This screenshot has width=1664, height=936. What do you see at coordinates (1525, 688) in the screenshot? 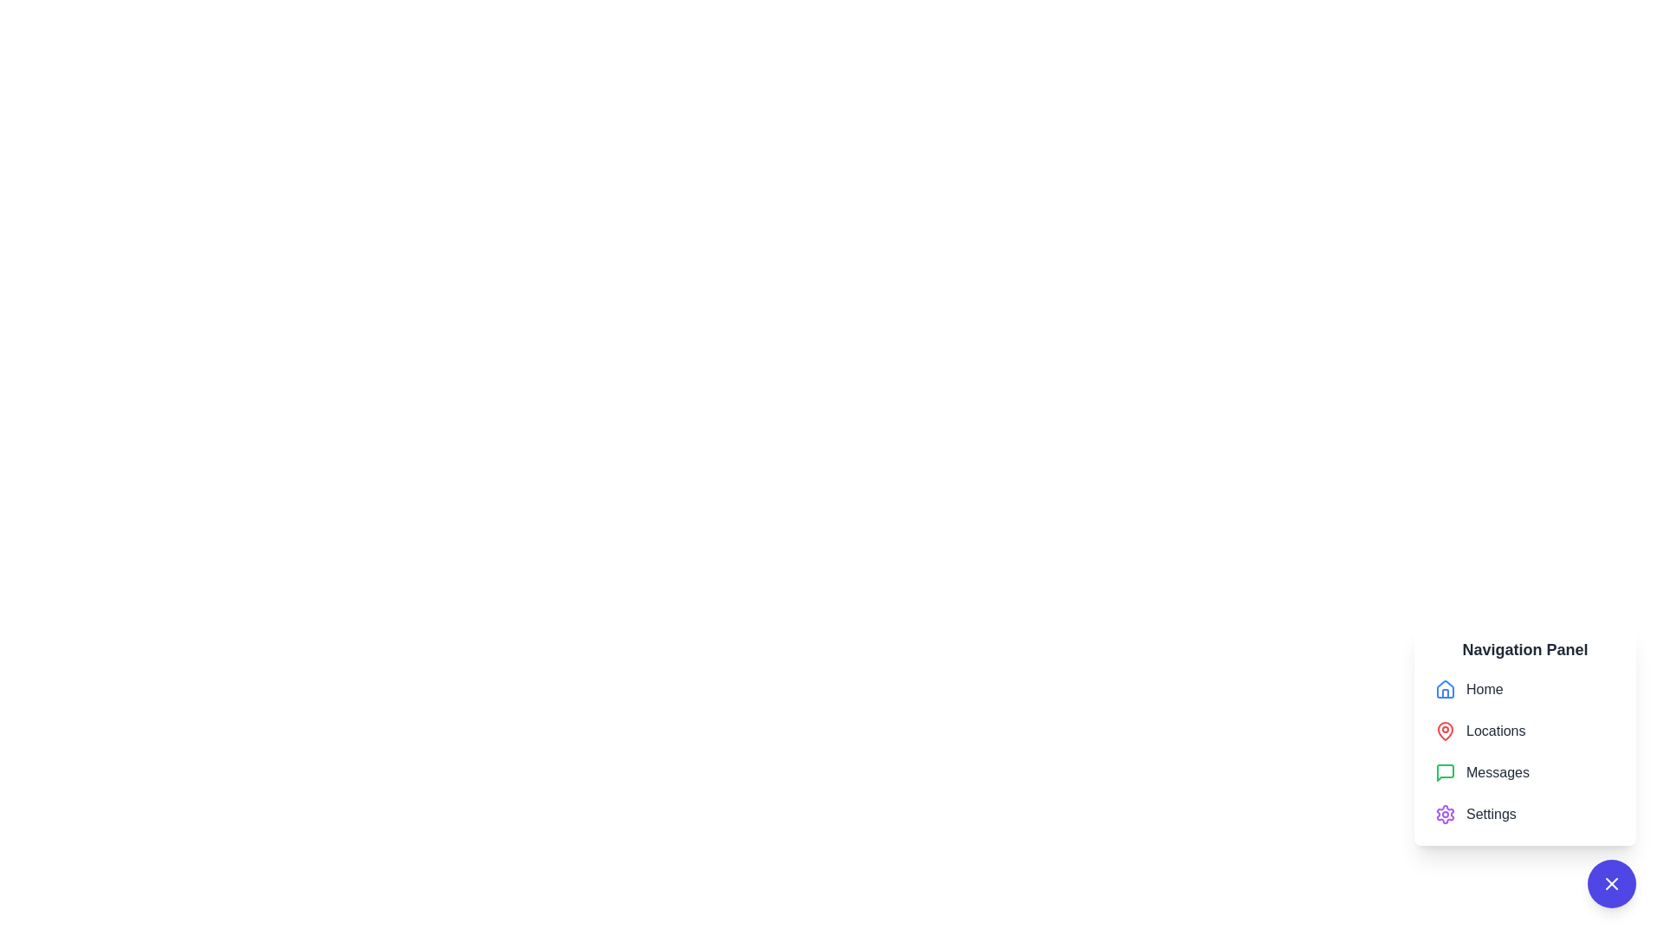
I see `the 'Home' navigation button to trigger hover effects, which is located at the top of the vertical list in the right sidebar` at bounding box center [1525, 688].